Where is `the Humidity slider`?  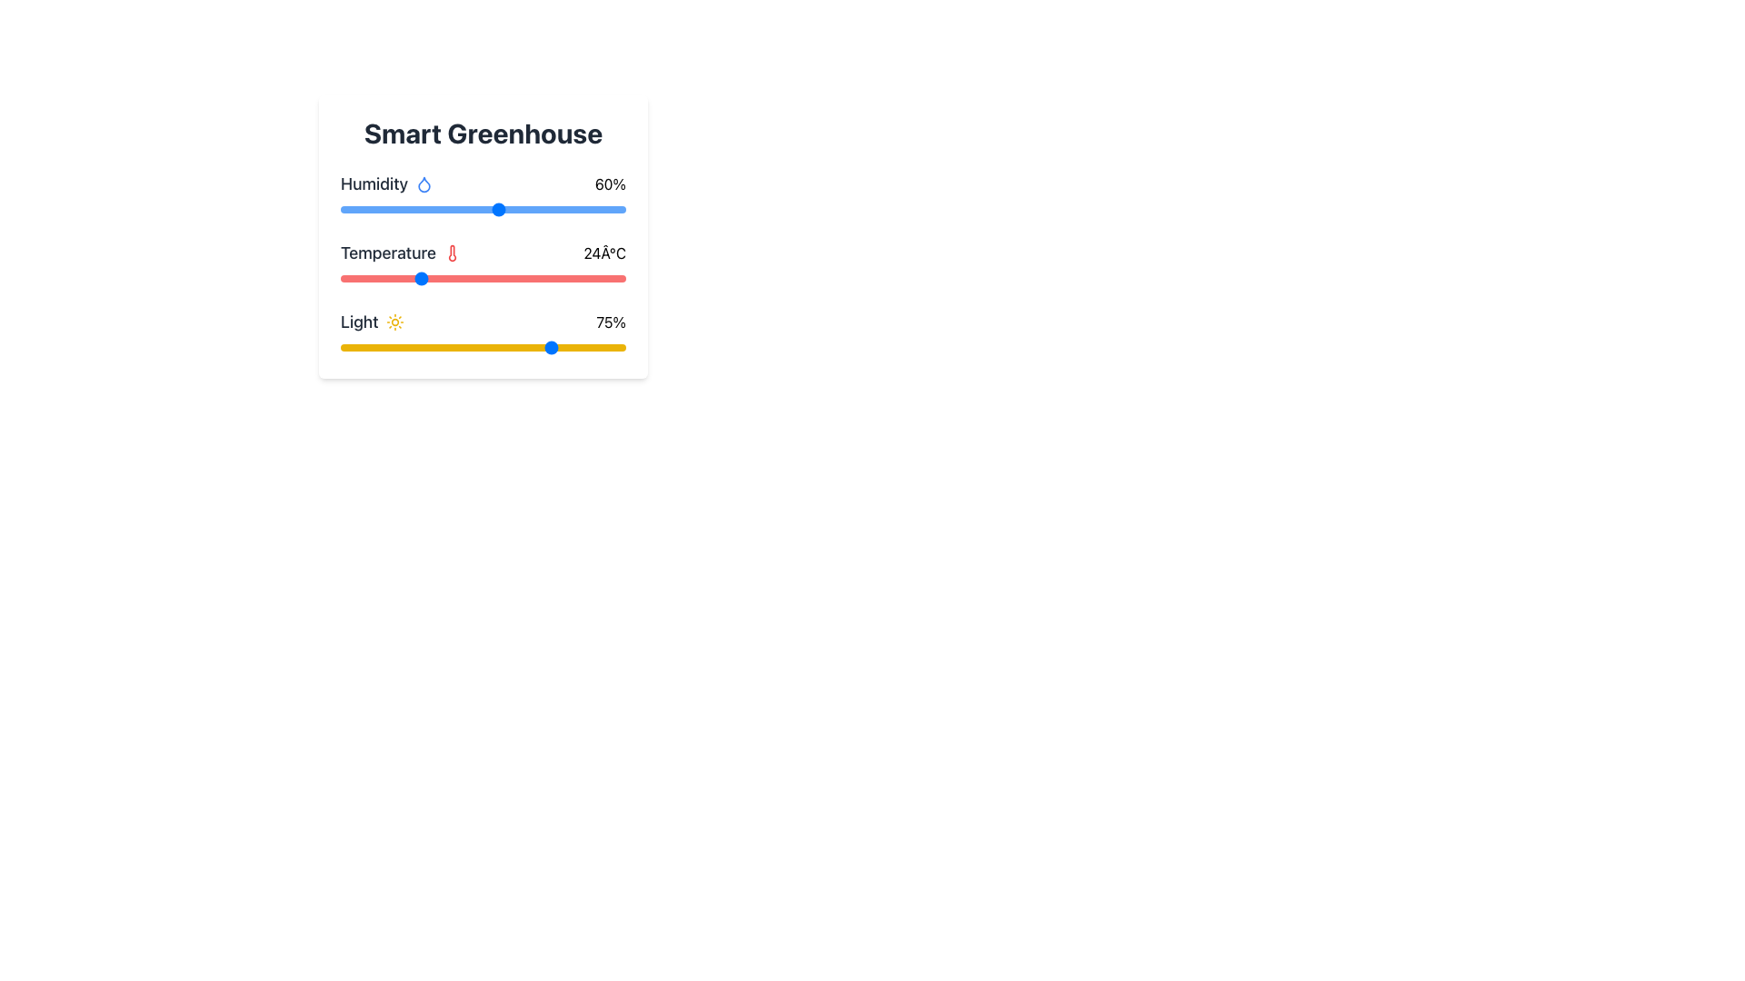 the Humidity slider is located at coordinates (564, 209).